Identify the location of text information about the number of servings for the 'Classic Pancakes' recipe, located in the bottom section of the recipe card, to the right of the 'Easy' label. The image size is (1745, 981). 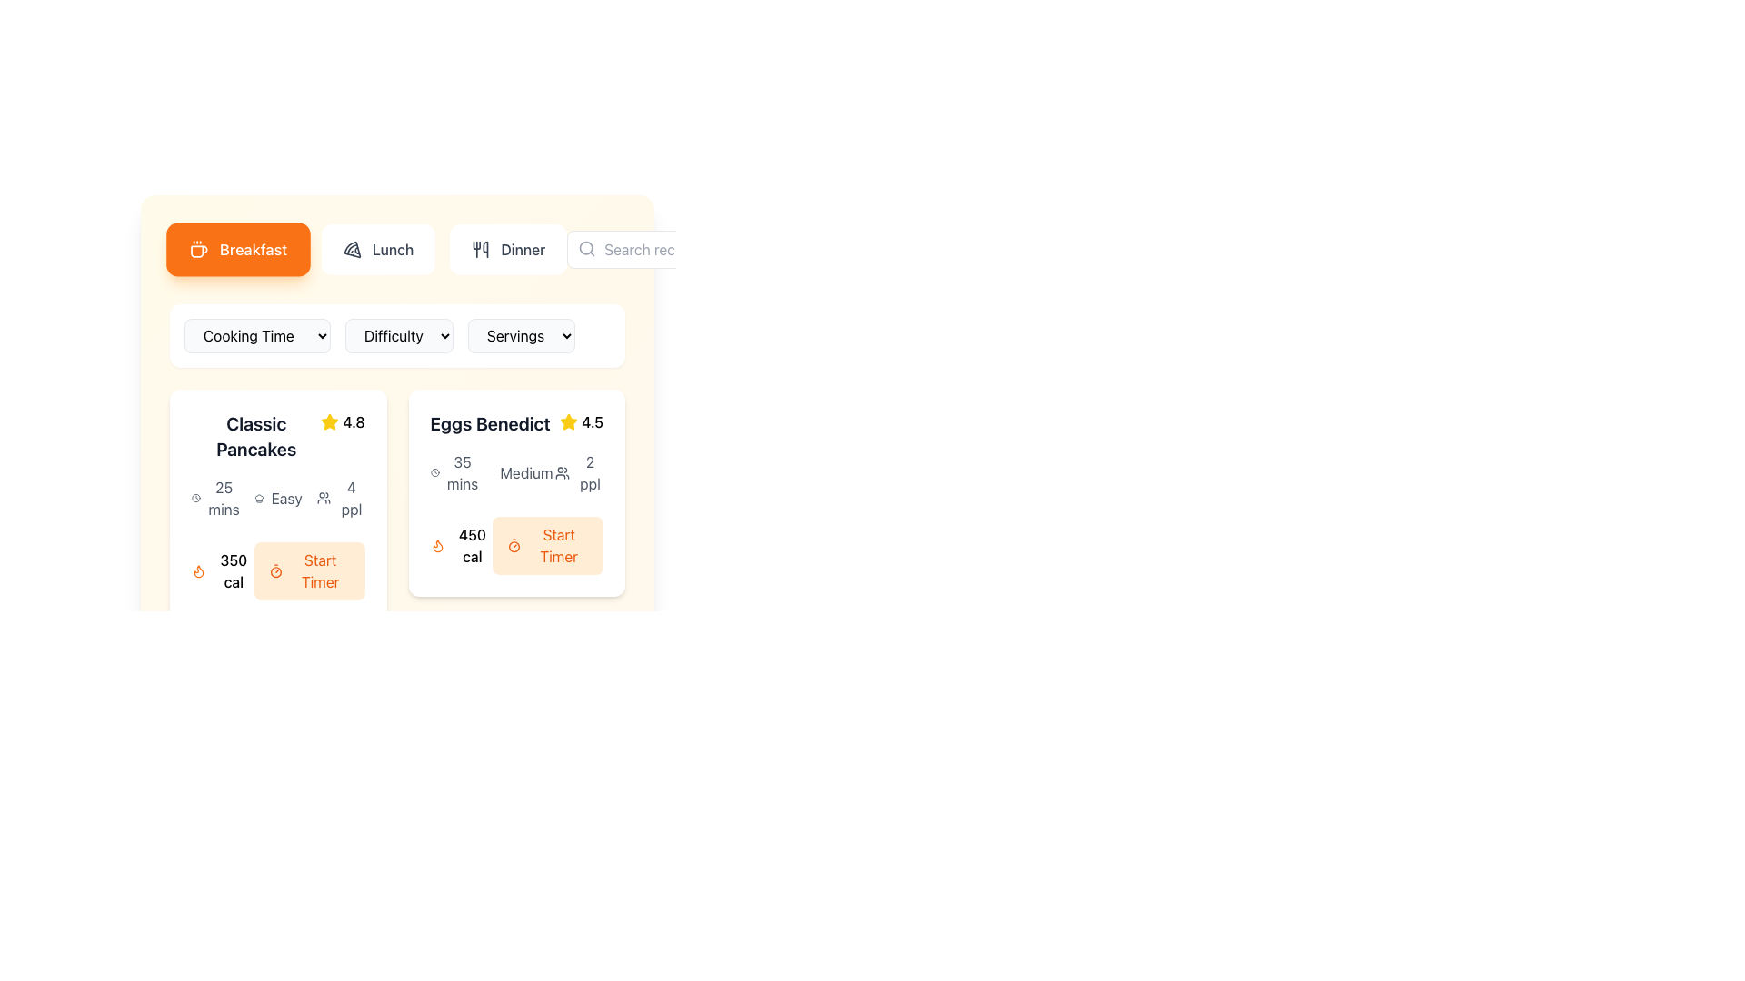
(340, 498).